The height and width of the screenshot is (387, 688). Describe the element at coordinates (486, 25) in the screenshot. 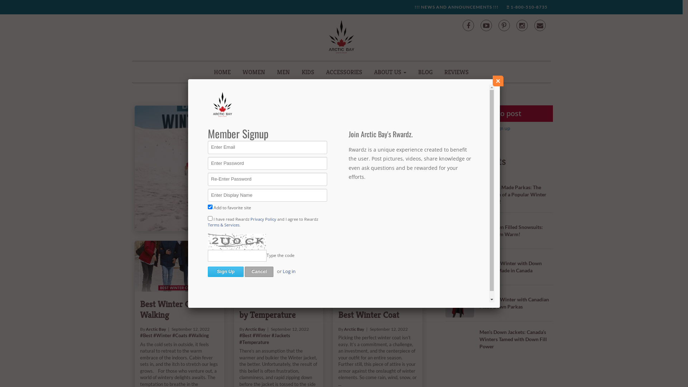

I see `'Arctic Bay on YouTube'` at that location.